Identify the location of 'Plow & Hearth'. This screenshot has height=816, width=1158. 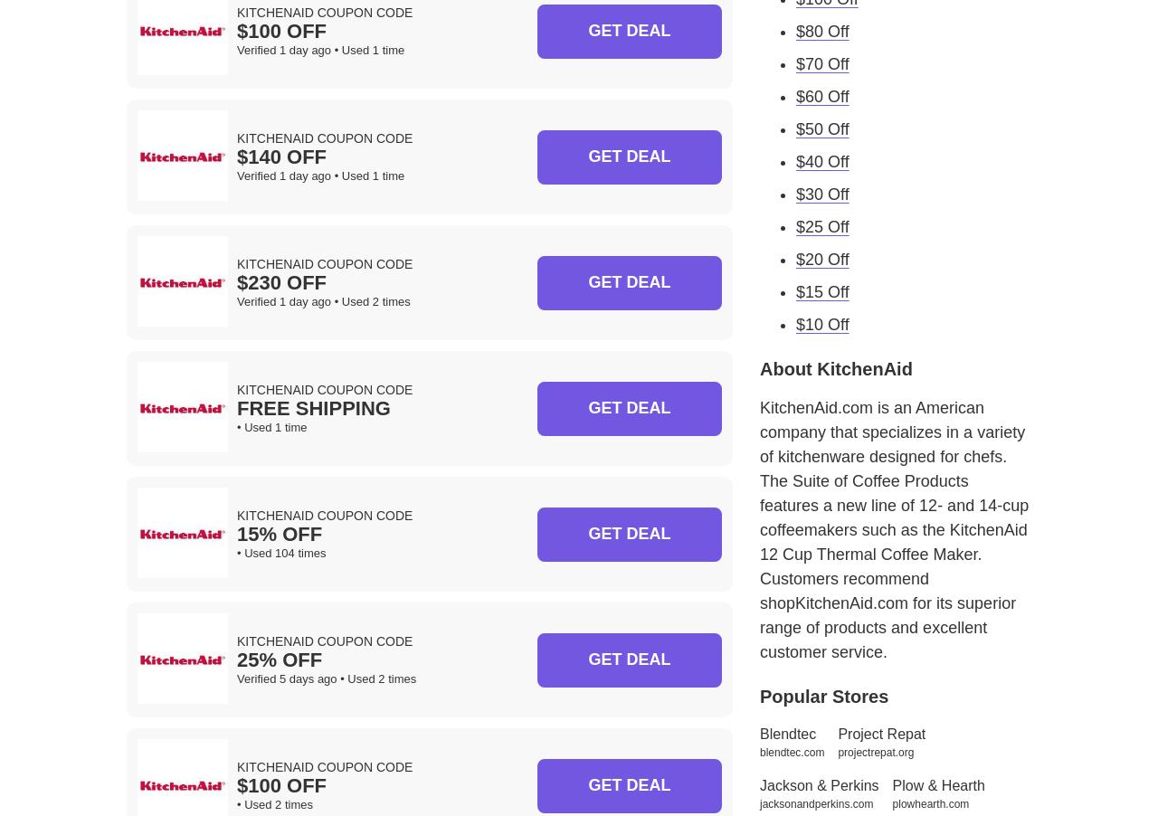
(938, 784).